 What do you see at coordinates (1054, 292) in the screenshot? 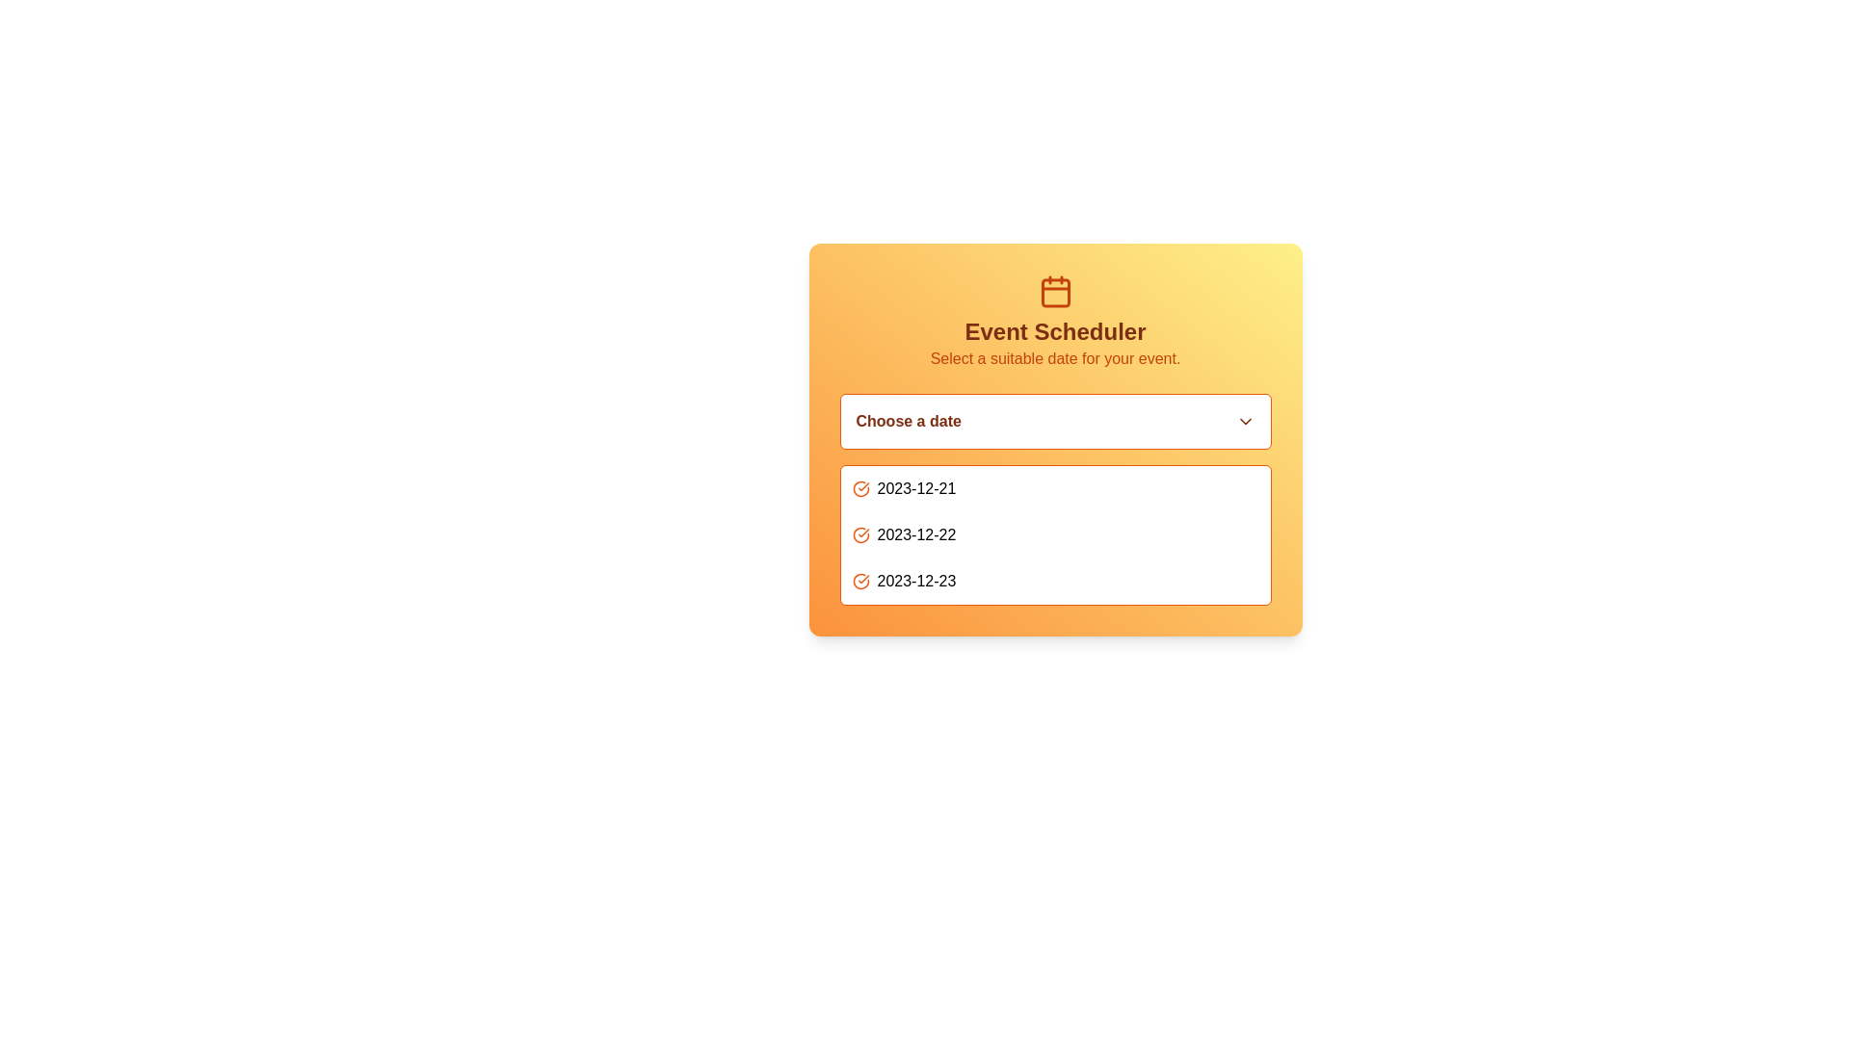
I see `the calendar icon located above the 'Event Scheduler' heading in the interface` at bounding box center [1054, 292].